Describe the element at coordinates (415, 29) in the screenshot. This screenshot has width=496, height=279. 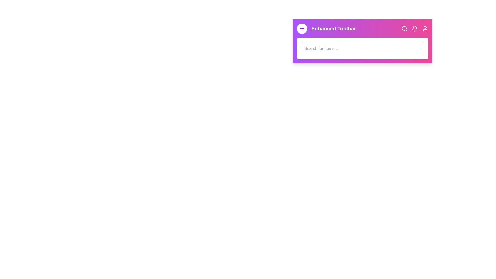
I see `the notification bell icon to view notifications` at that location.